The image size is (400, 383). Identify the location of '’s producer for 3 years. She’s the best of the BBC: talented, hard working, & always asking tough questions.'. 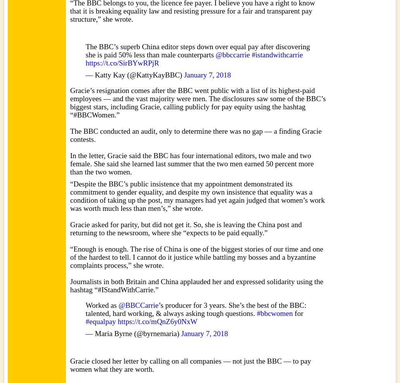
(195, 309).